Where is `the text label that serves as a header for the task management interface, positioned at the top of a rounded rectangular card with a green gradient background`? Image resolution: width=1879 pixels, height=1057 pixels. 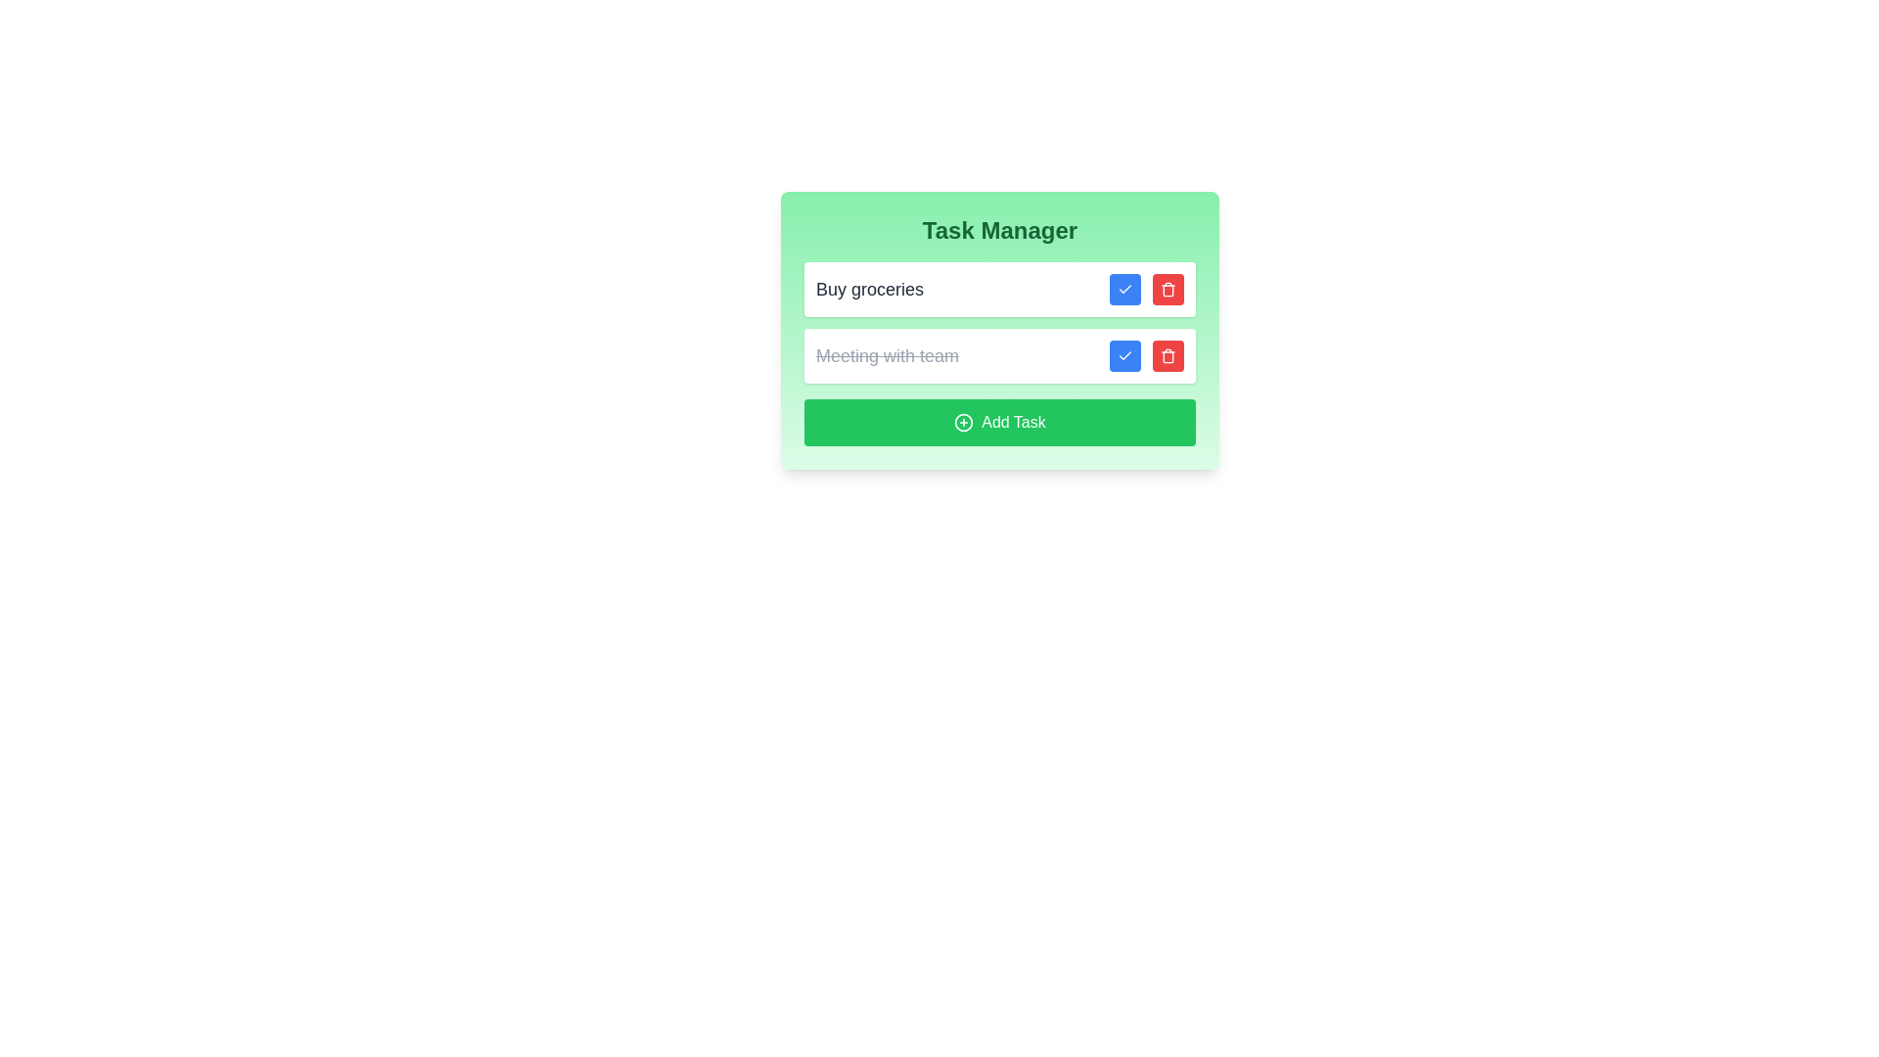 the text label that serves as a header for the task management interface, positioned at the top of a rounded rectangular card with a green gradient background is located at coordinates (1000, 229).